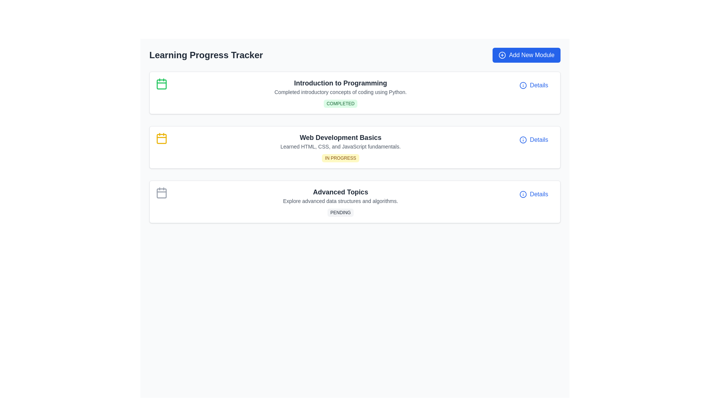 The width and height of the screenshot is (717, 403). Describe the element at coordinates (340, 201) in the screenshot. I see `the composite element titled 'Advanced Topics', which includes a header, description, and a 'PENDING' status badge, located in the vertical list of learning modules` at that location.